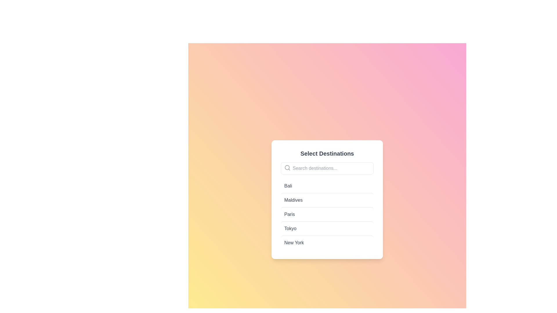  I want to click on the first selectable list item representing 'Bali', so click(327, 186).